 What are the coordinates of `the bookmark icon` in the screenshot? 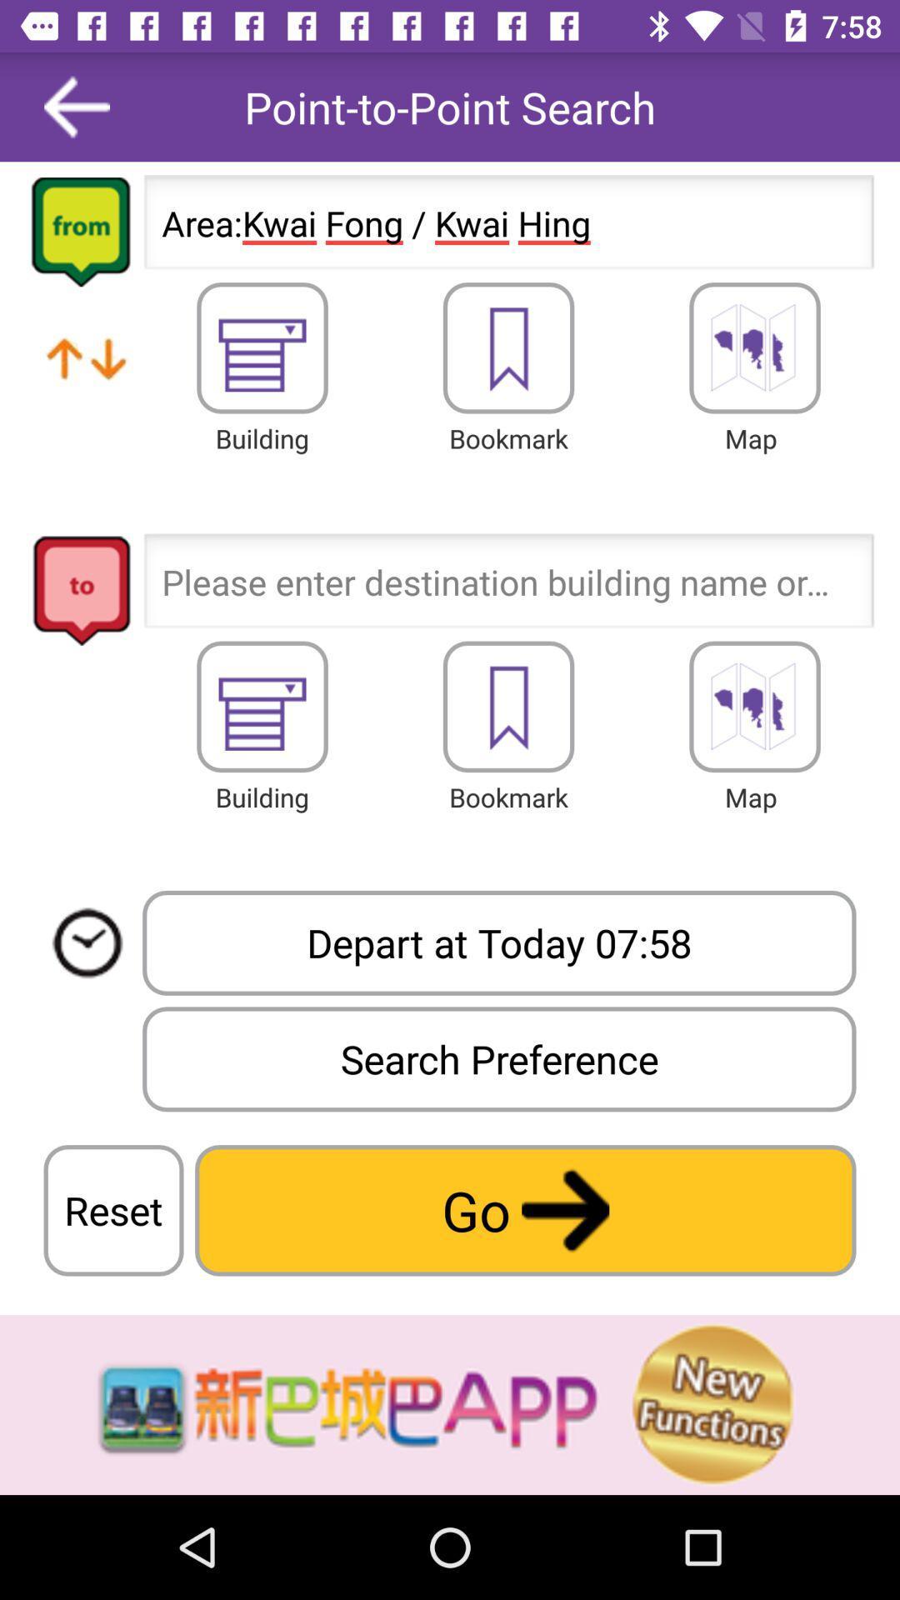 It's located at (507, 707).